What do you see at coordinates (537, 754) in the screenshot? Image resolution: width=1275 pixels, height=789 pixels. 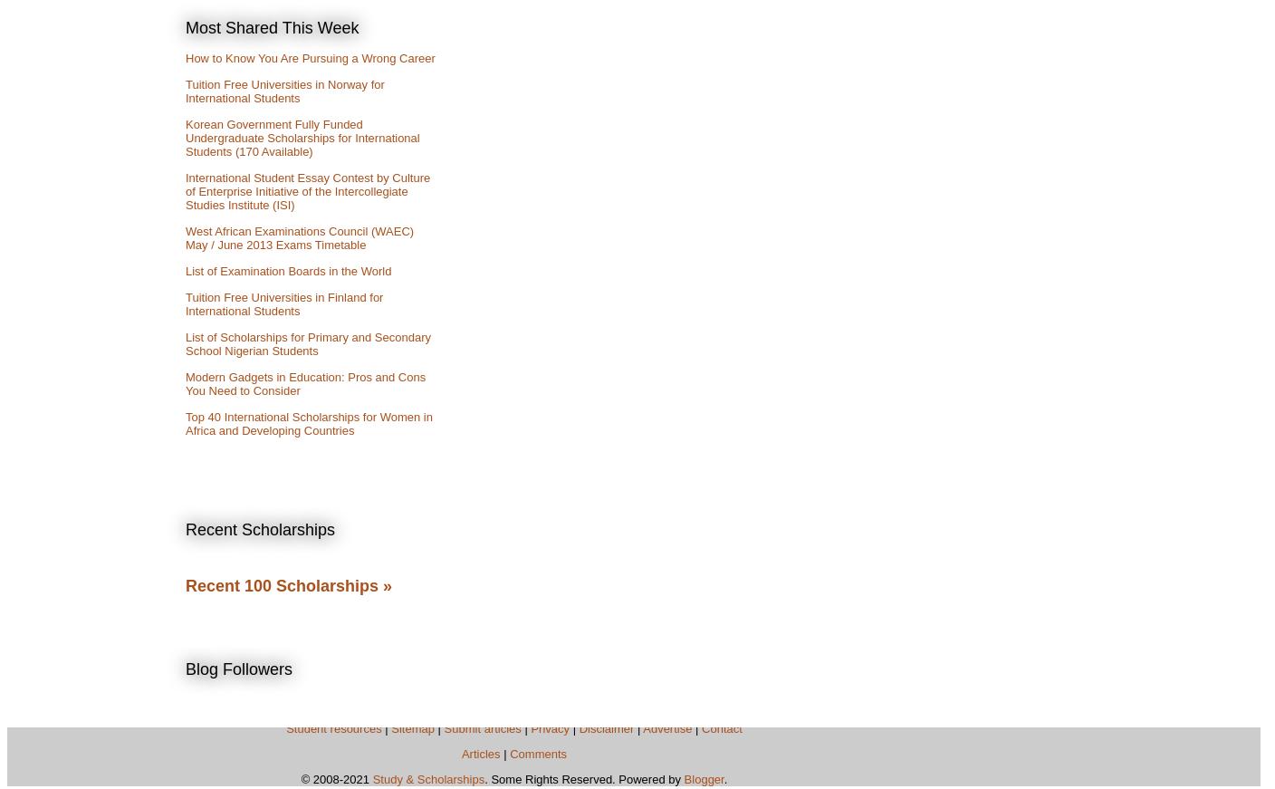 I see `'Comments'` at bounding box center [537, 754].